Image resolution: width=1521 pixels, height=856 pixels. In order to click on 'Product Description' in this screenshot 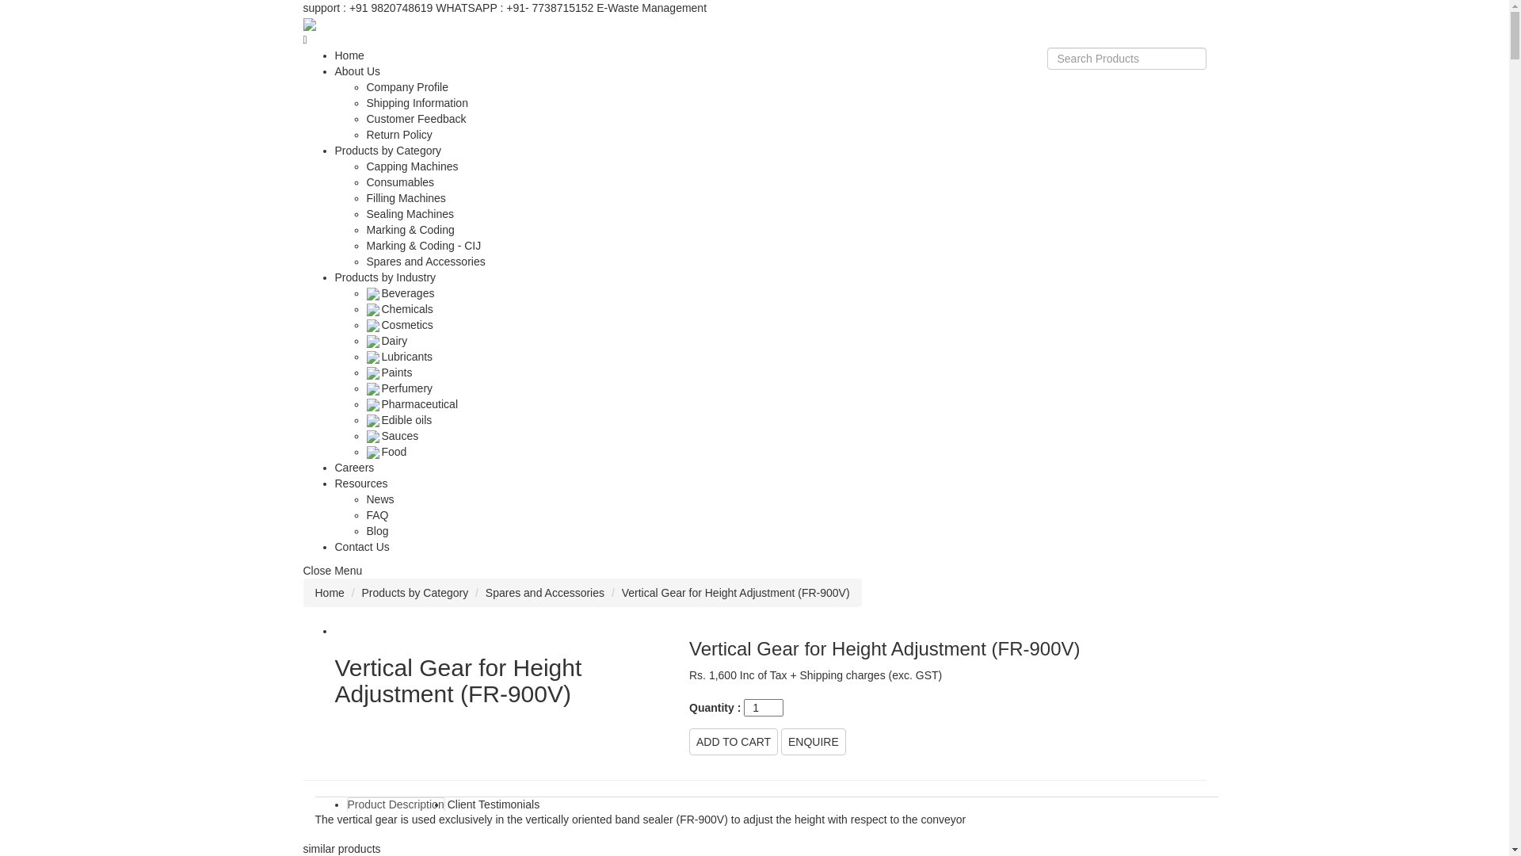, I will do `click(345, 804)`.